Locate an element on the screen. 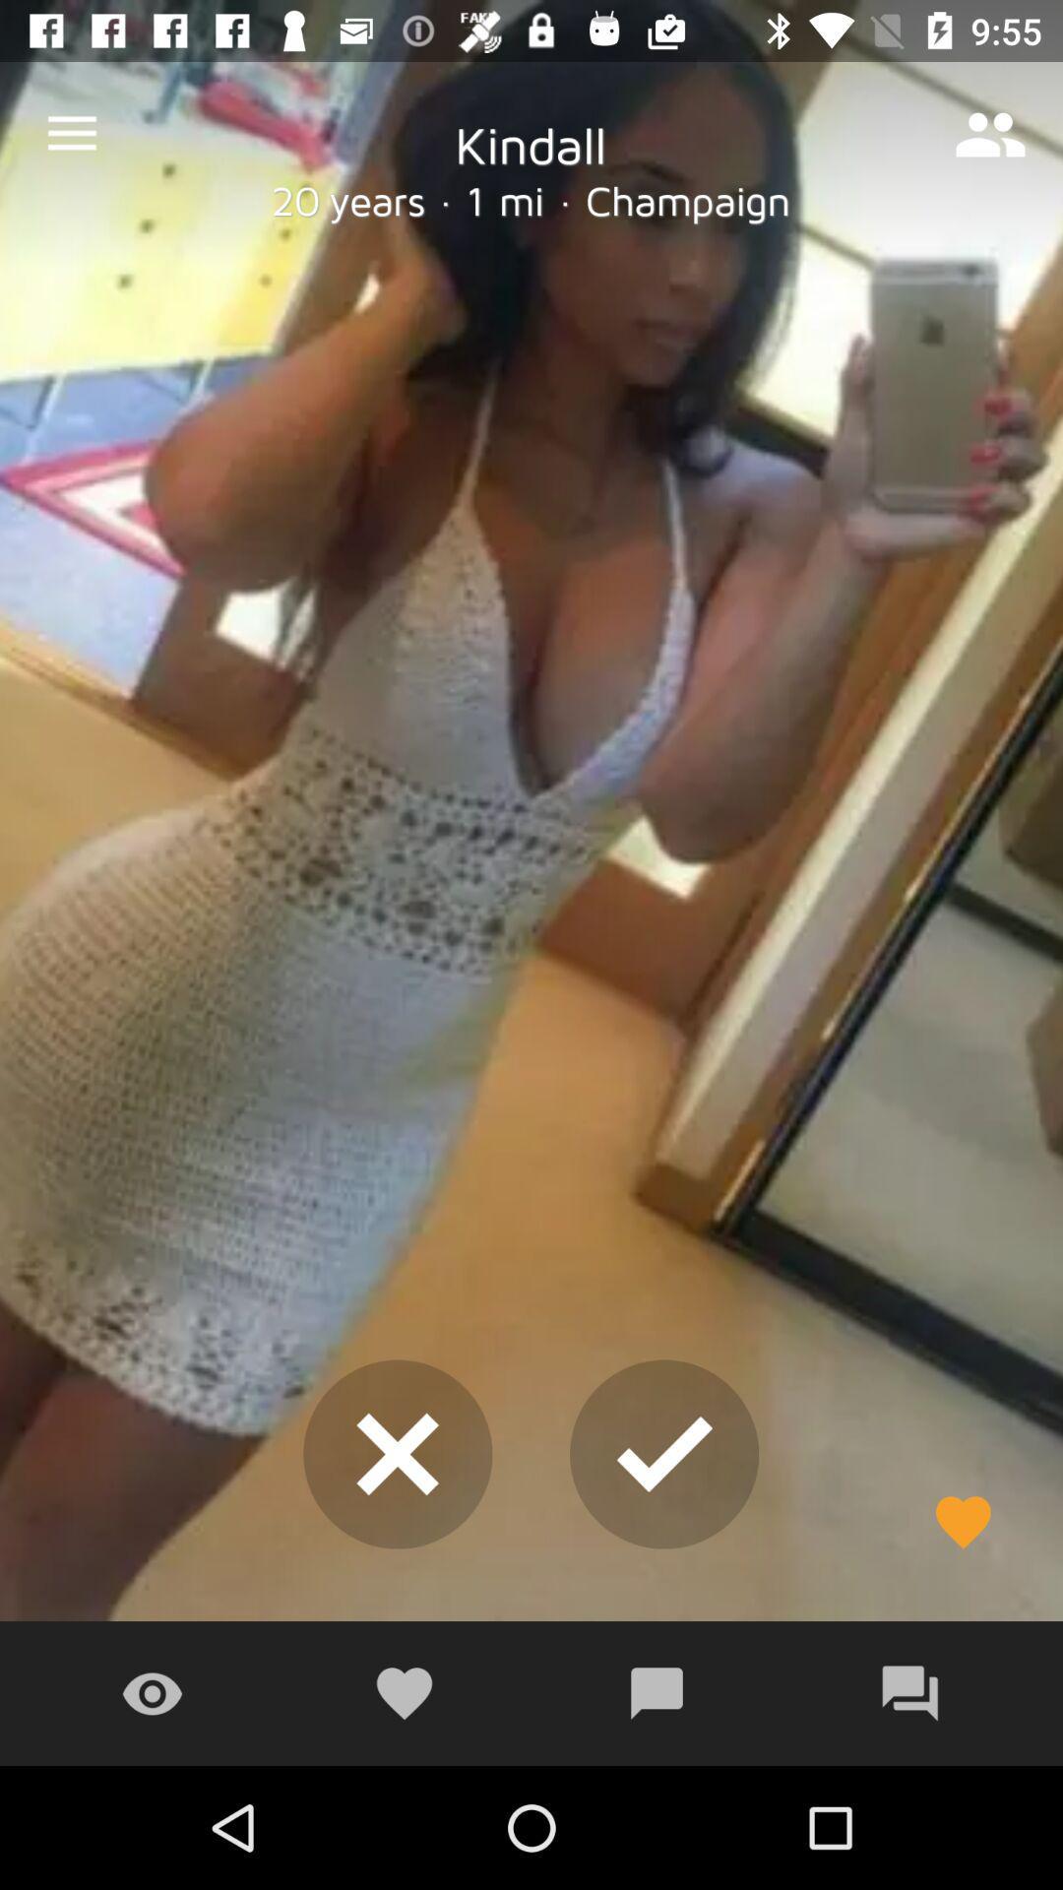  the favorite icon is located at coordinates (962, 1521).